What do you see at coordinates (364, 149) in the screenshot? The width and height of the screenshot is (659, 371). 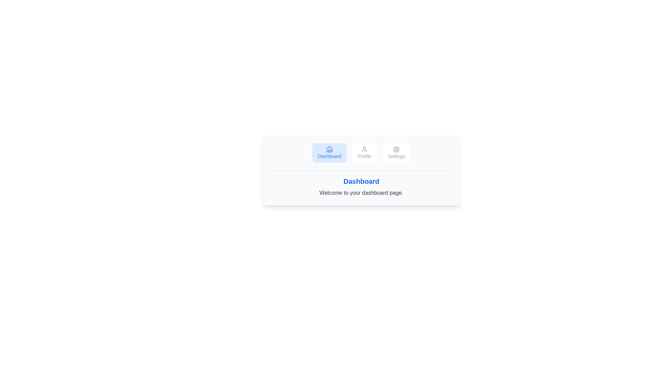 I see `the icon of the Profile tab to inspect it visually` at bounding box center [364, 149].